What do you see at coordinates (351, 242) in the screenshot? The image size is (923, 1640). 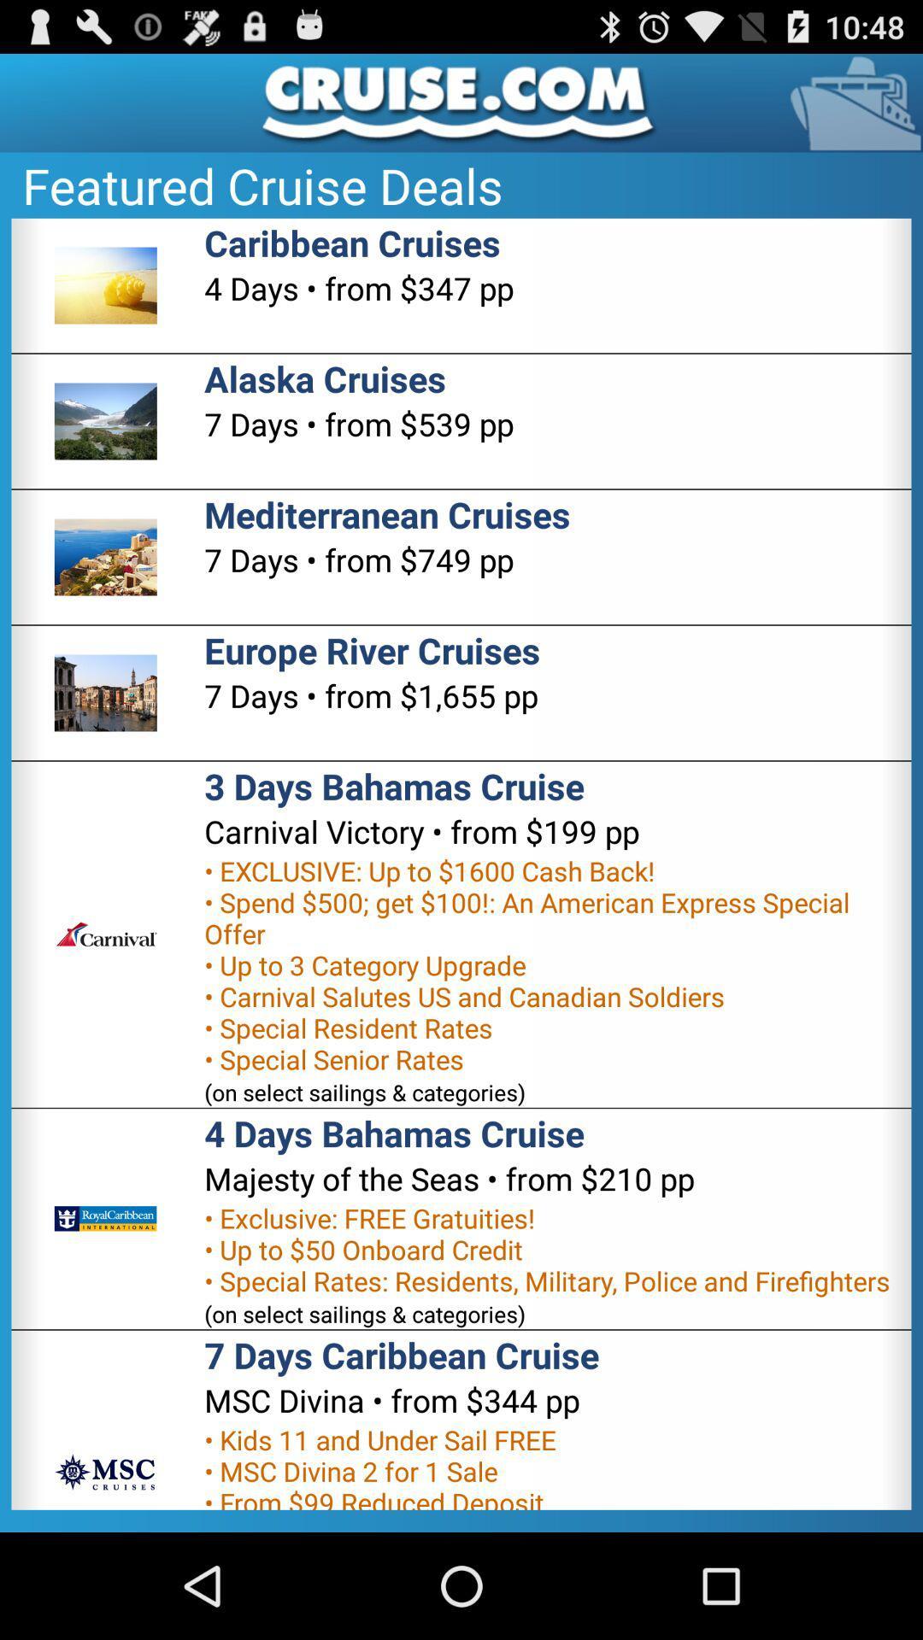 I see `caribbean cruises item` at bounding box center [351, 242].